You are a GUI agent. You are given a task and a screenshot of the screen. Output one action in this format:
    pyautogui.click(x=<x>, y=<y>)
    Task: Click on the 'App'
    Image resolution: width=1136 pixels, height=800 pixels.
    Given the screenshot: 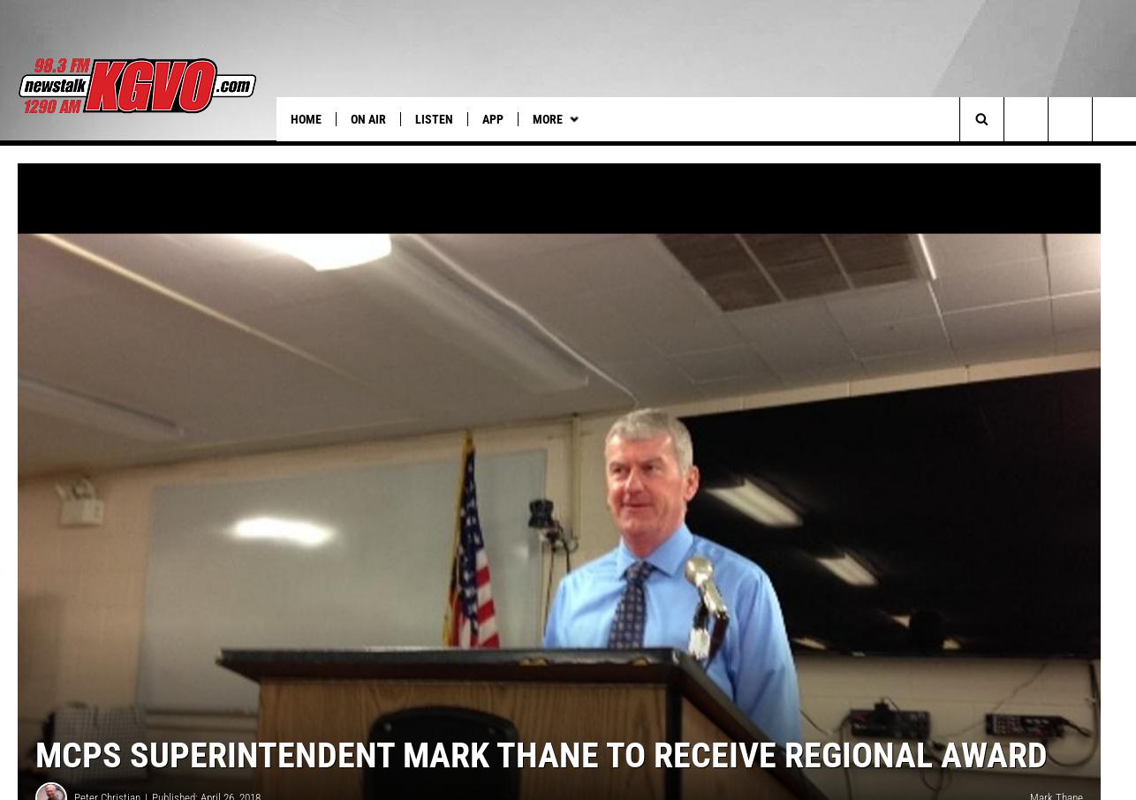 What is the action you would take?
    pyautogui.click(x=491, y=117)
    